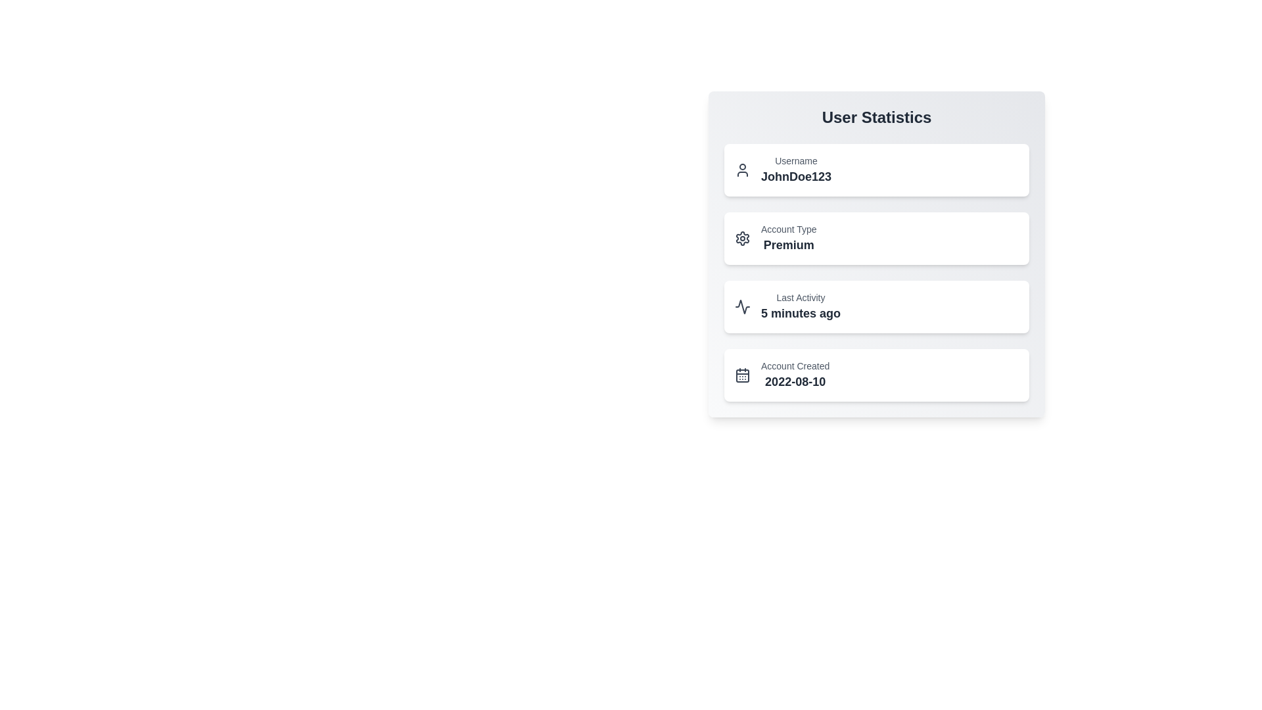 The image size is (1262, 710). What do you see at coordinates (795, 366) in the screenshot?
I see `the label indicating the account creation date located in the 'User Statistics' card, positioned above the date '2022-08-10'` at bounding box center [795, 366].